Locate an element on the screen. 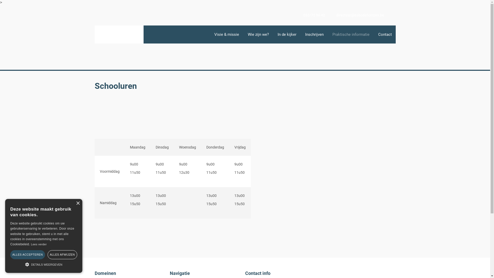 The height and width of the screenshot is (278, 494). 'Contact' is located at coordinates (385, 34).